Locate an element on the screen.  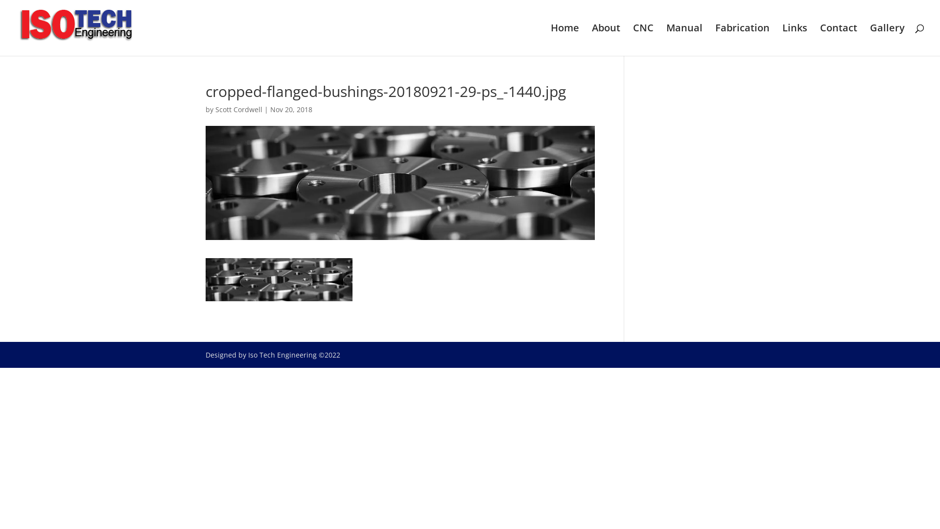
'CNC' is located at coordinates (643, 39).